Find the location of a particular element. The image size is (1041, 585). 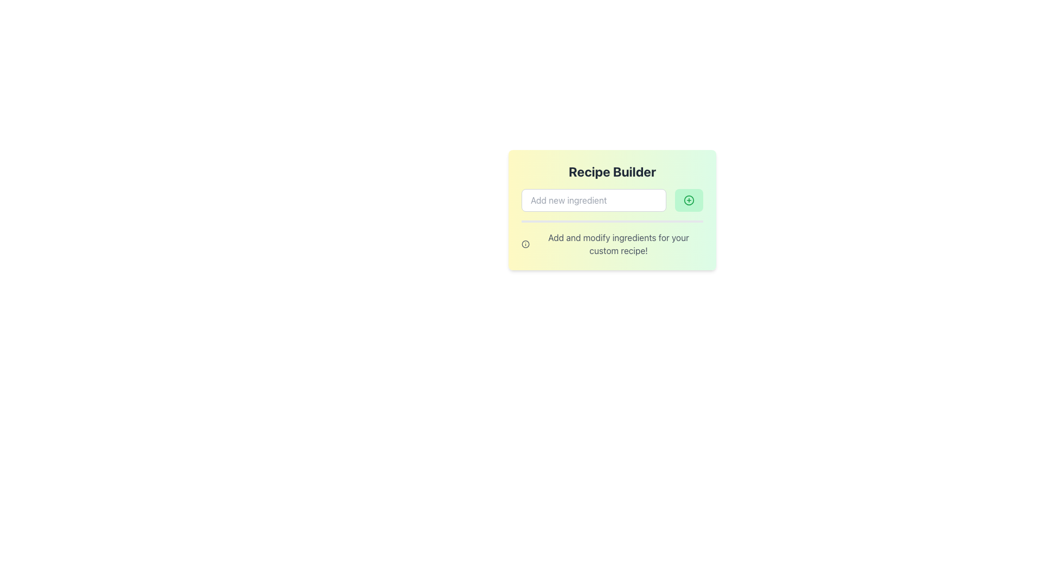

the informational icon that provides additional information related to the text 'Add and modify ingredients for your custom recipe!', located to the left of this text is located at coordinates (525, 244).